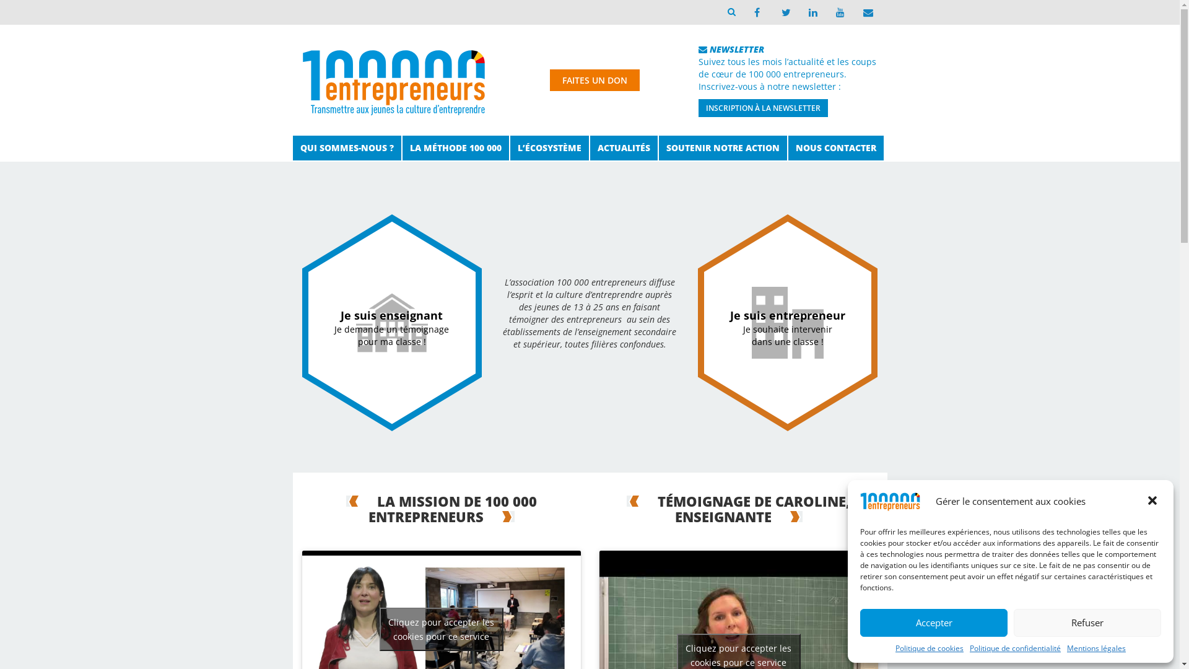 The height and width of the screenshot is (669, 1189). I want to click on 'YouTube', so click(826, 12).